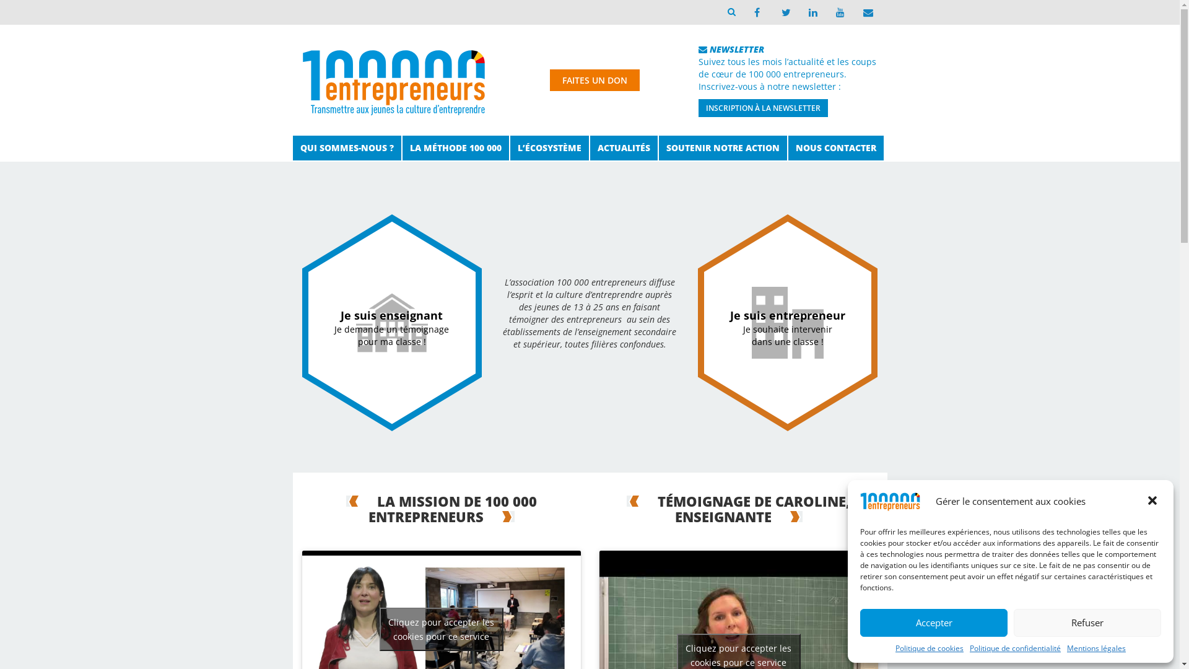 The height and width of the screenshot is (669, 1189). I want to click on 'YouTube', so click(826, 12).